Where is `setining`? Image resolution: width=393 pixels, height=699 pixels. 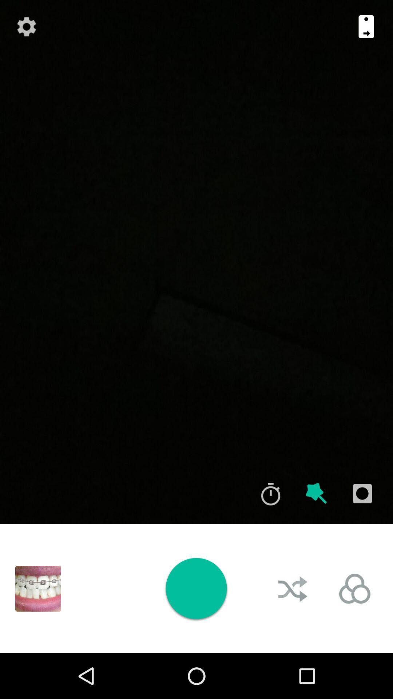 setining is located at coordinates (26, 27).